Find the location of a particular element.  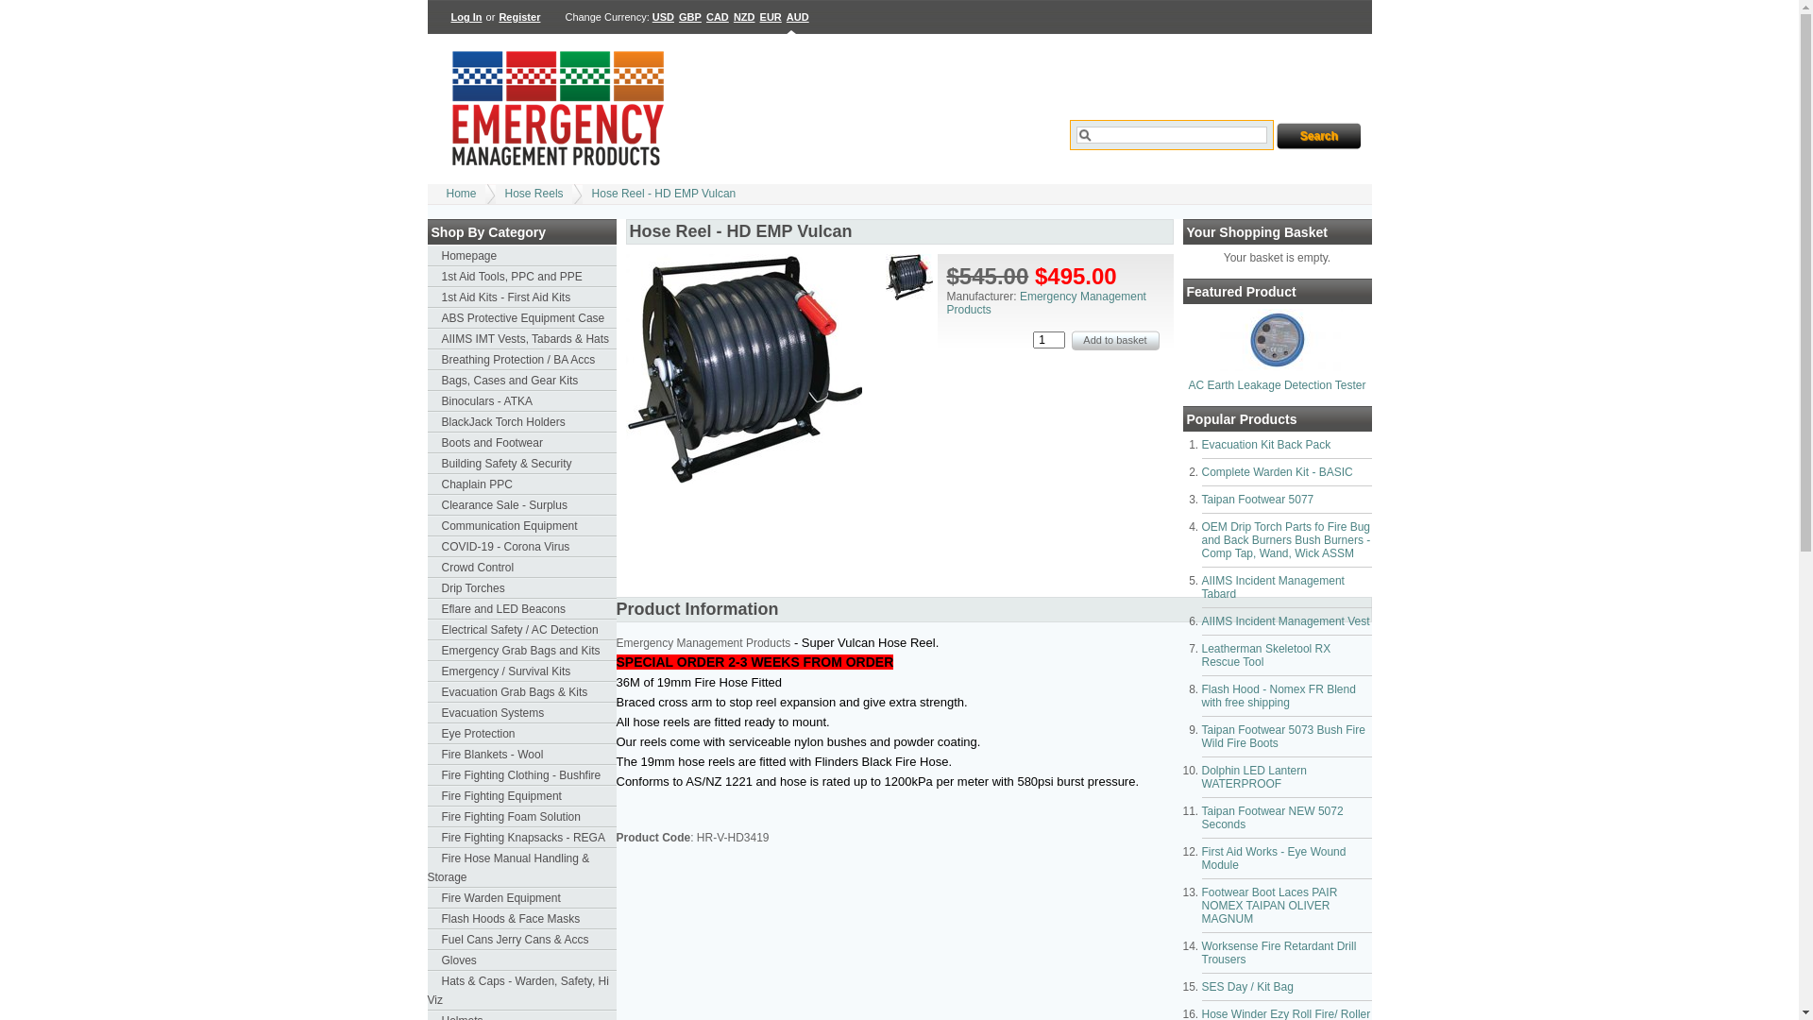

'Search our store' is located at coordinates (1171, 133).